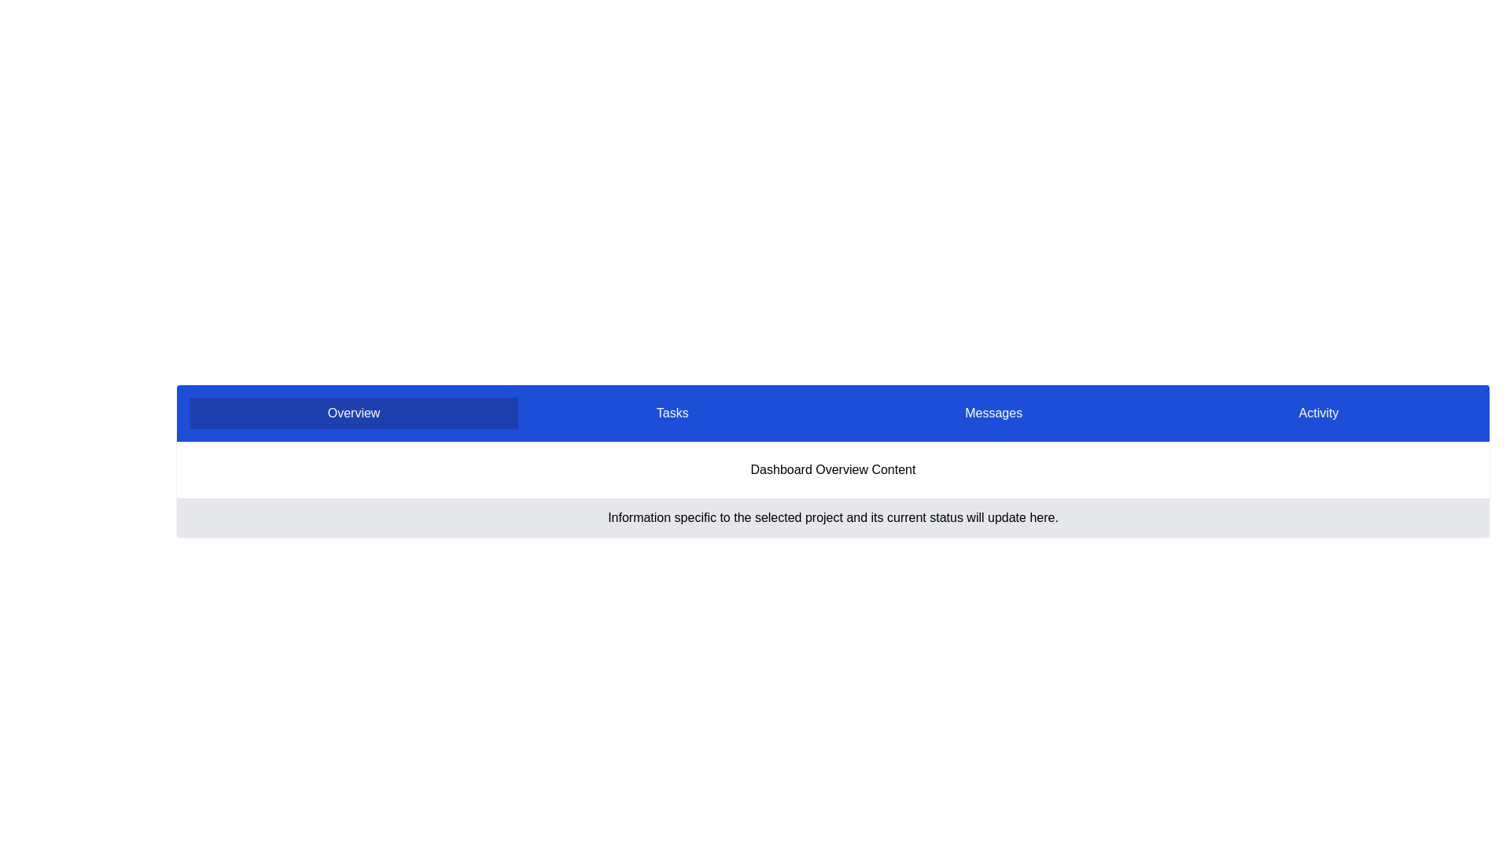 This screenshot has width=1510, height=849. I want to click on the tab labeled 'Tasks', so click(672, 412).